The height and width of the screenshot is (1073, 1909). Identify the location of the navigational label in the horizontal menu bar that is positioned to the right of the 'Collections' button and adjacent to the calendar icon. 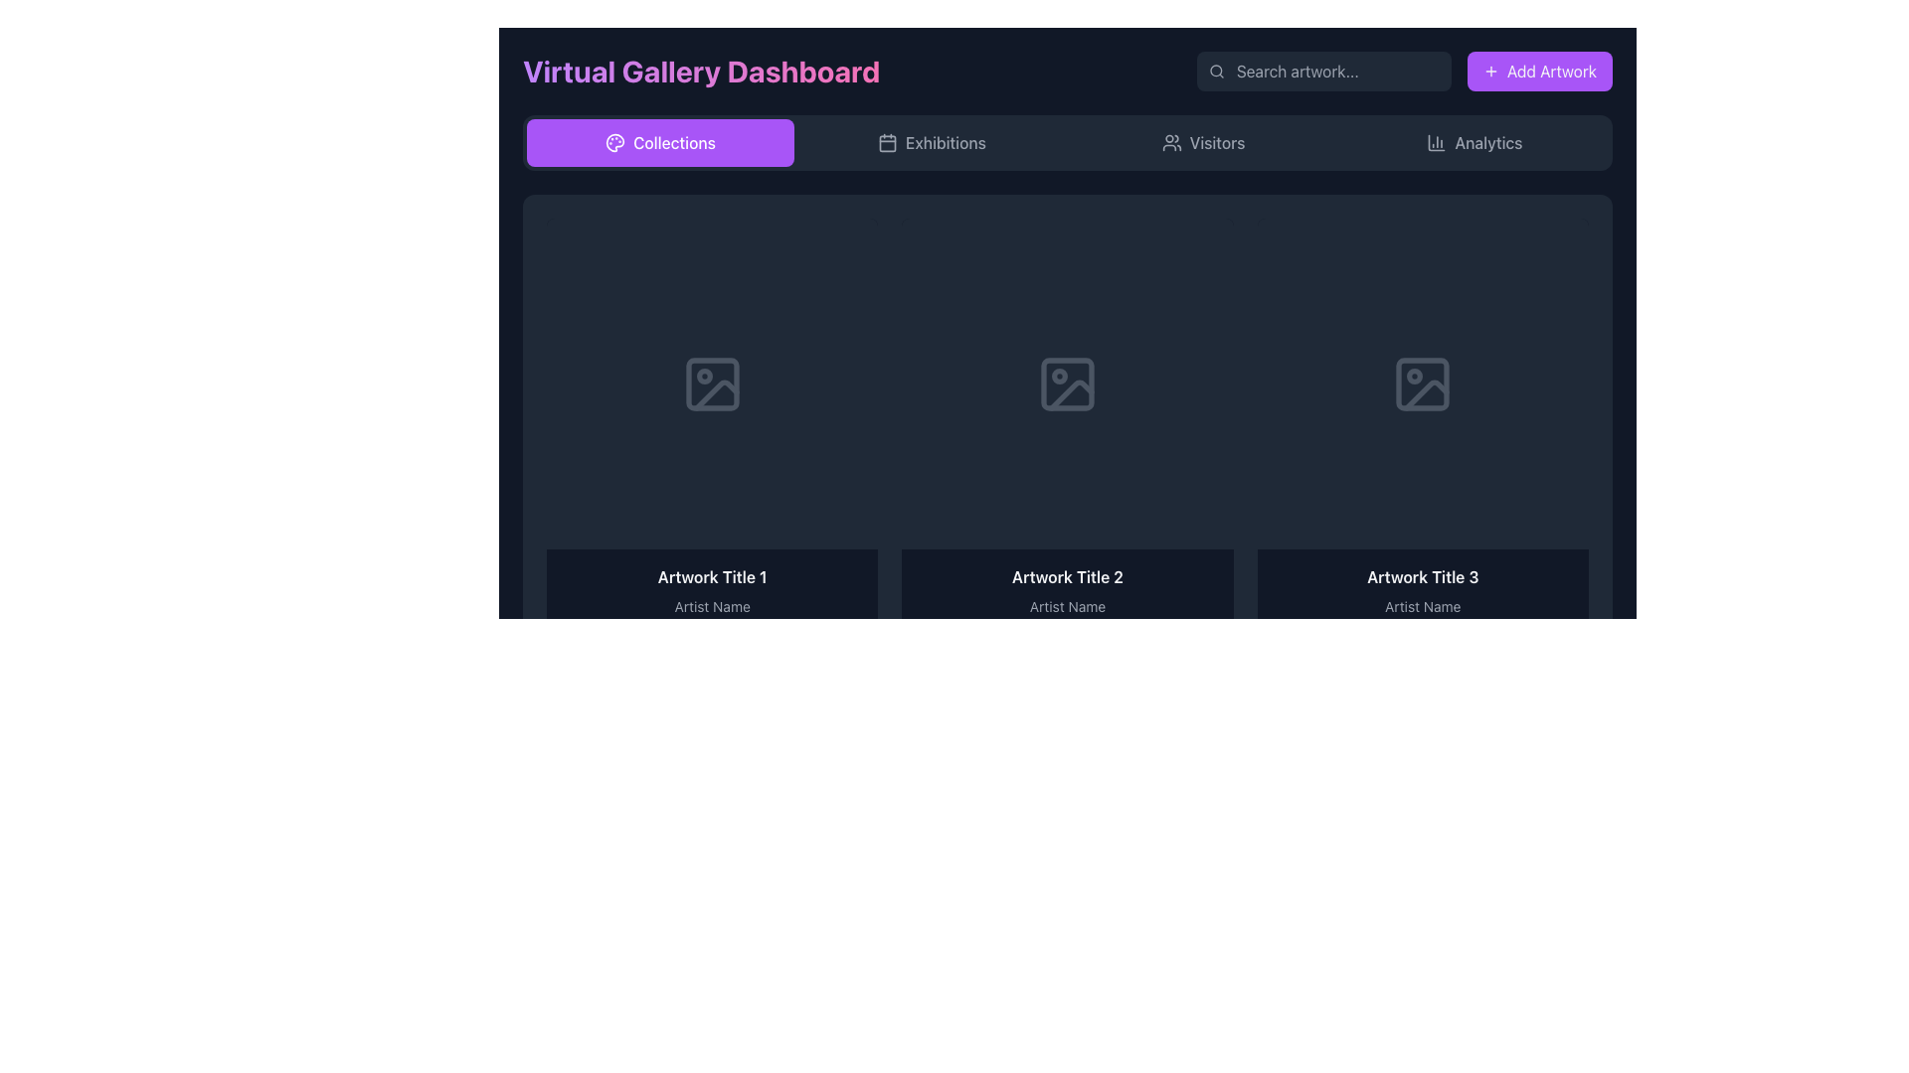
(945, 141).